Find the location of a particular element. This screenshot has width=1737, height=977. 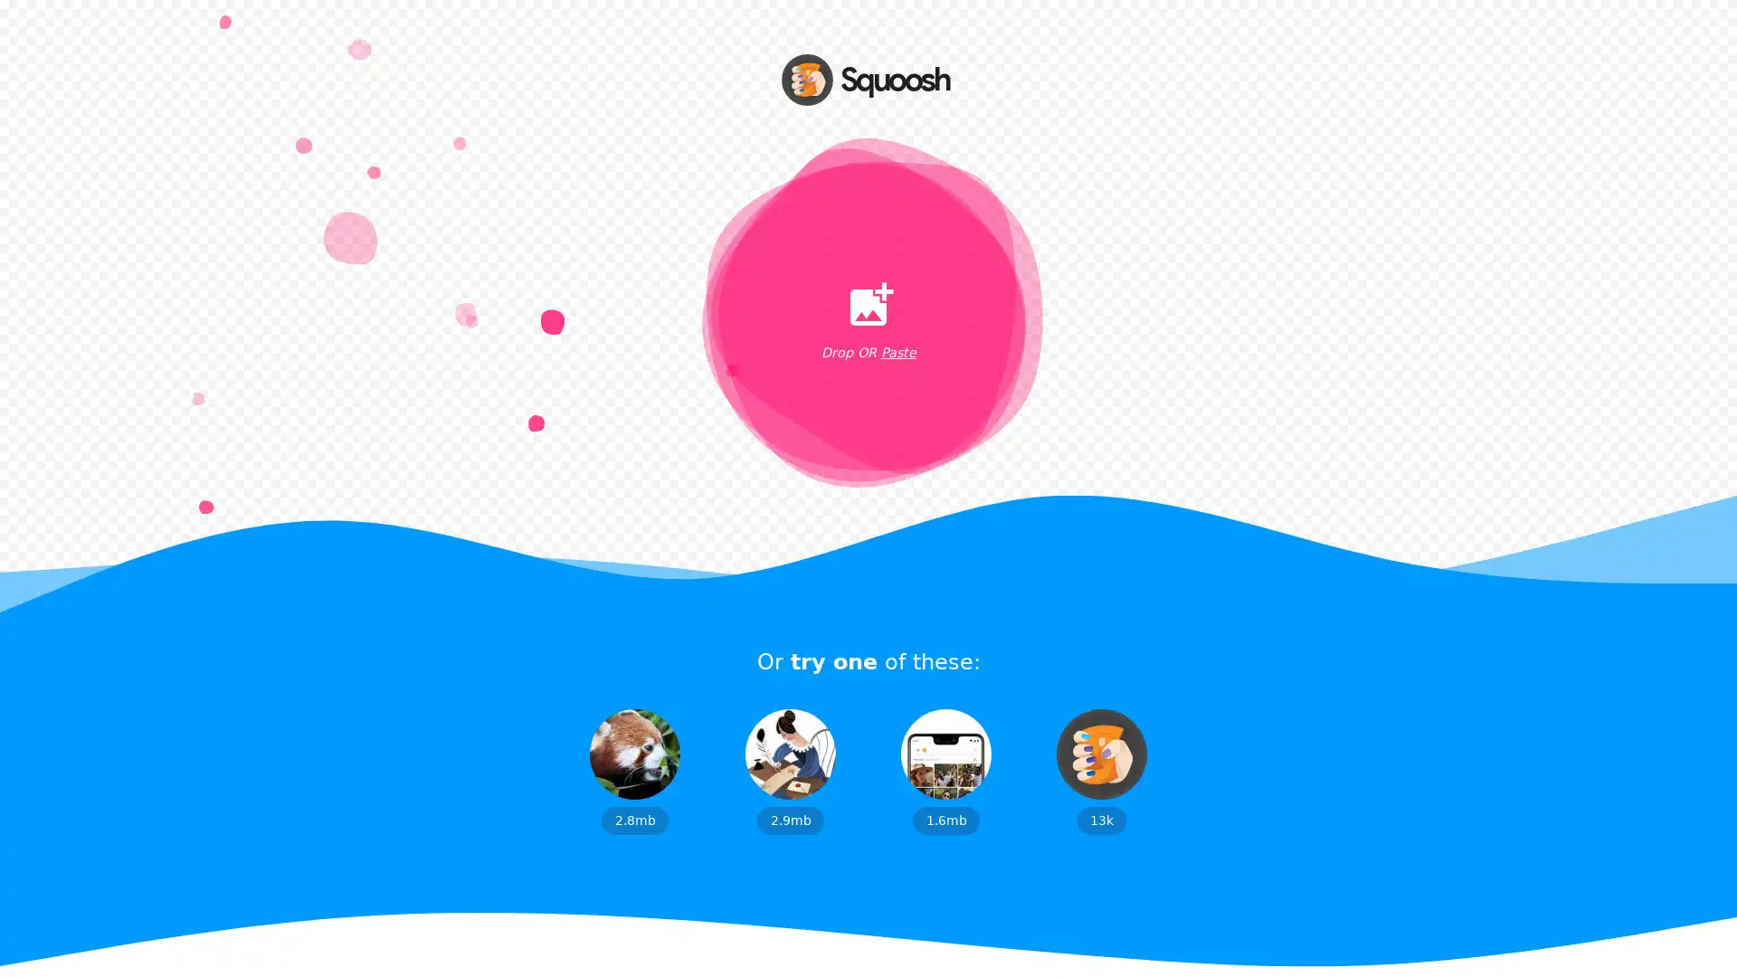

Paste is located at coordinates (897, 353).